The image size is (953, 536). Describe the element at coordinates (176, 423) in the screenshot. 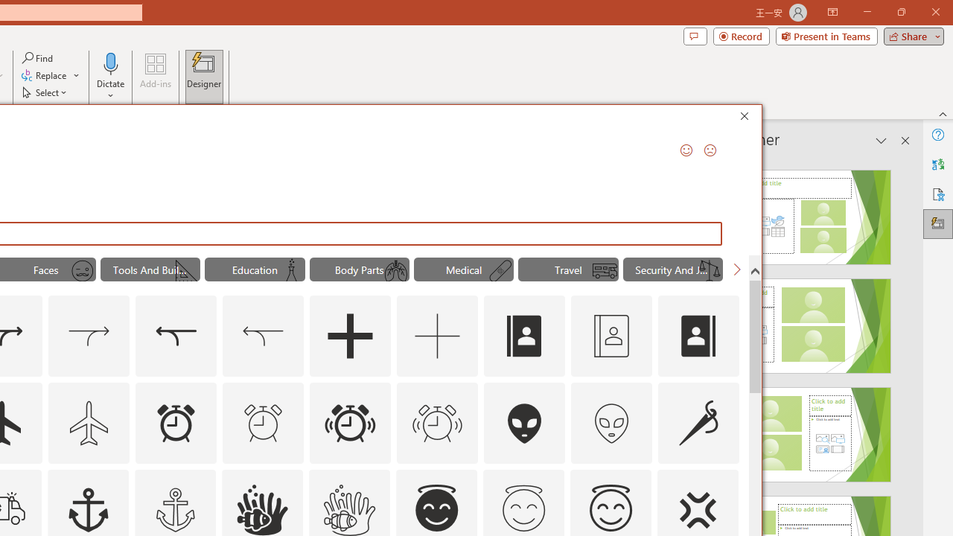

I see `'AutomationID: Icons_AlarmClock'` at that location.